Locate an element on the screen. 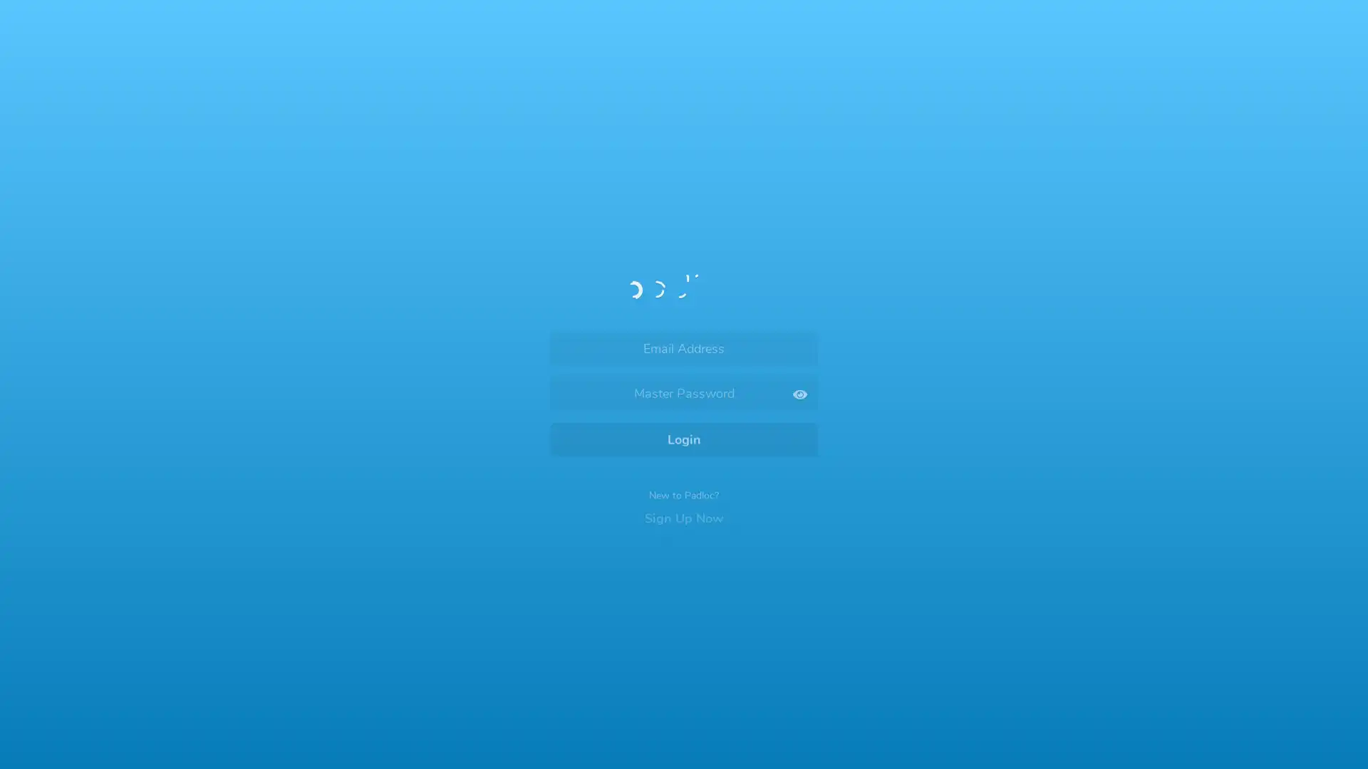  Create Organization is located at coordinates (758, 471).